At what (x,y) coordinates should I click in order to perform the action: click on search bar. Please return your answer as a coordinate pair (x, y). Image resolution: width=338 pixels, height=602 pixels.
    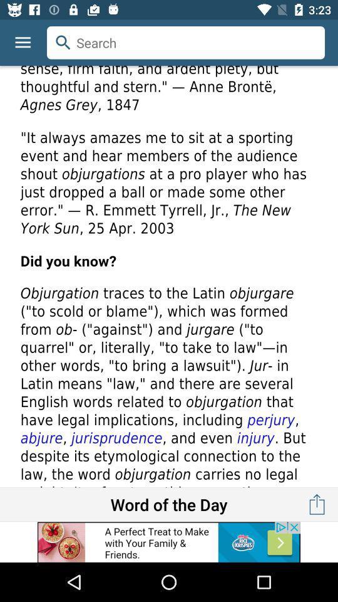
    Looking at the image, I should click on (185, 43).